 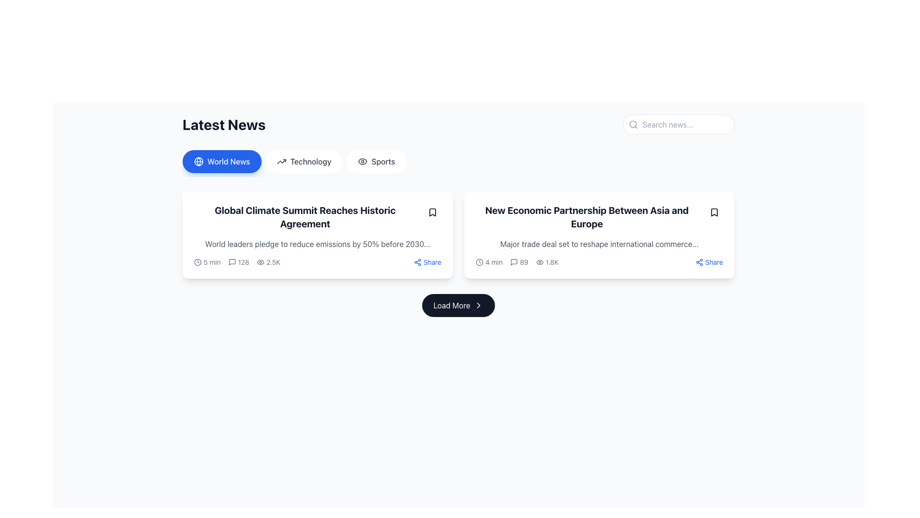 I want to click on the 'Technology' text label within the navigation button located between 'World News' and 'Sports' buttons, so click(x=310, y=161).